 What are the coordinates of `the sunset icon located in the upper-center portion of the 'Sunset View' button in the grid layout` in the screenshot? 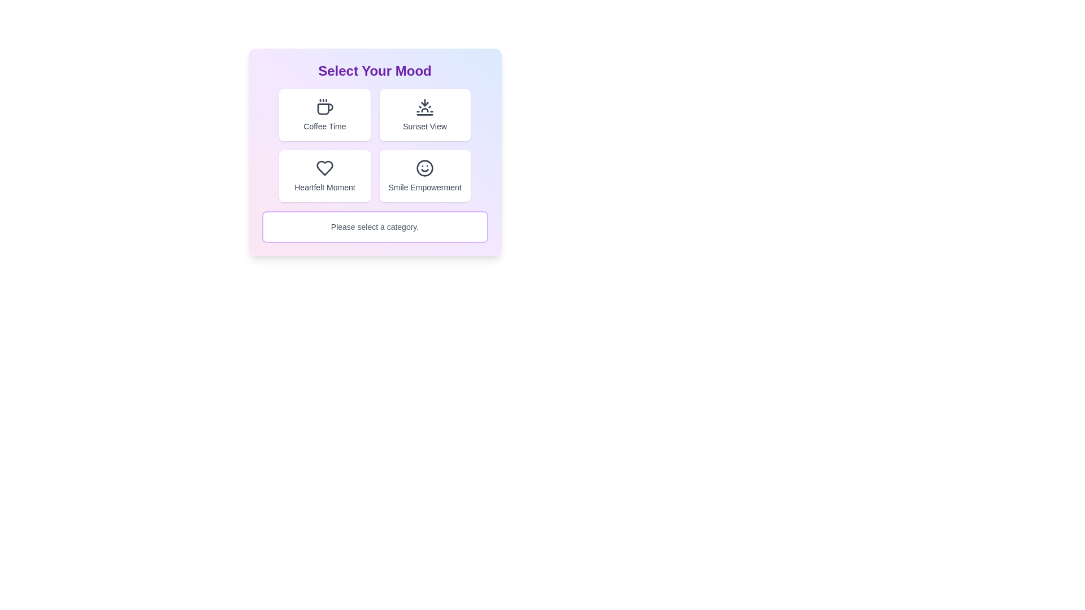 It's located at (424, 107).